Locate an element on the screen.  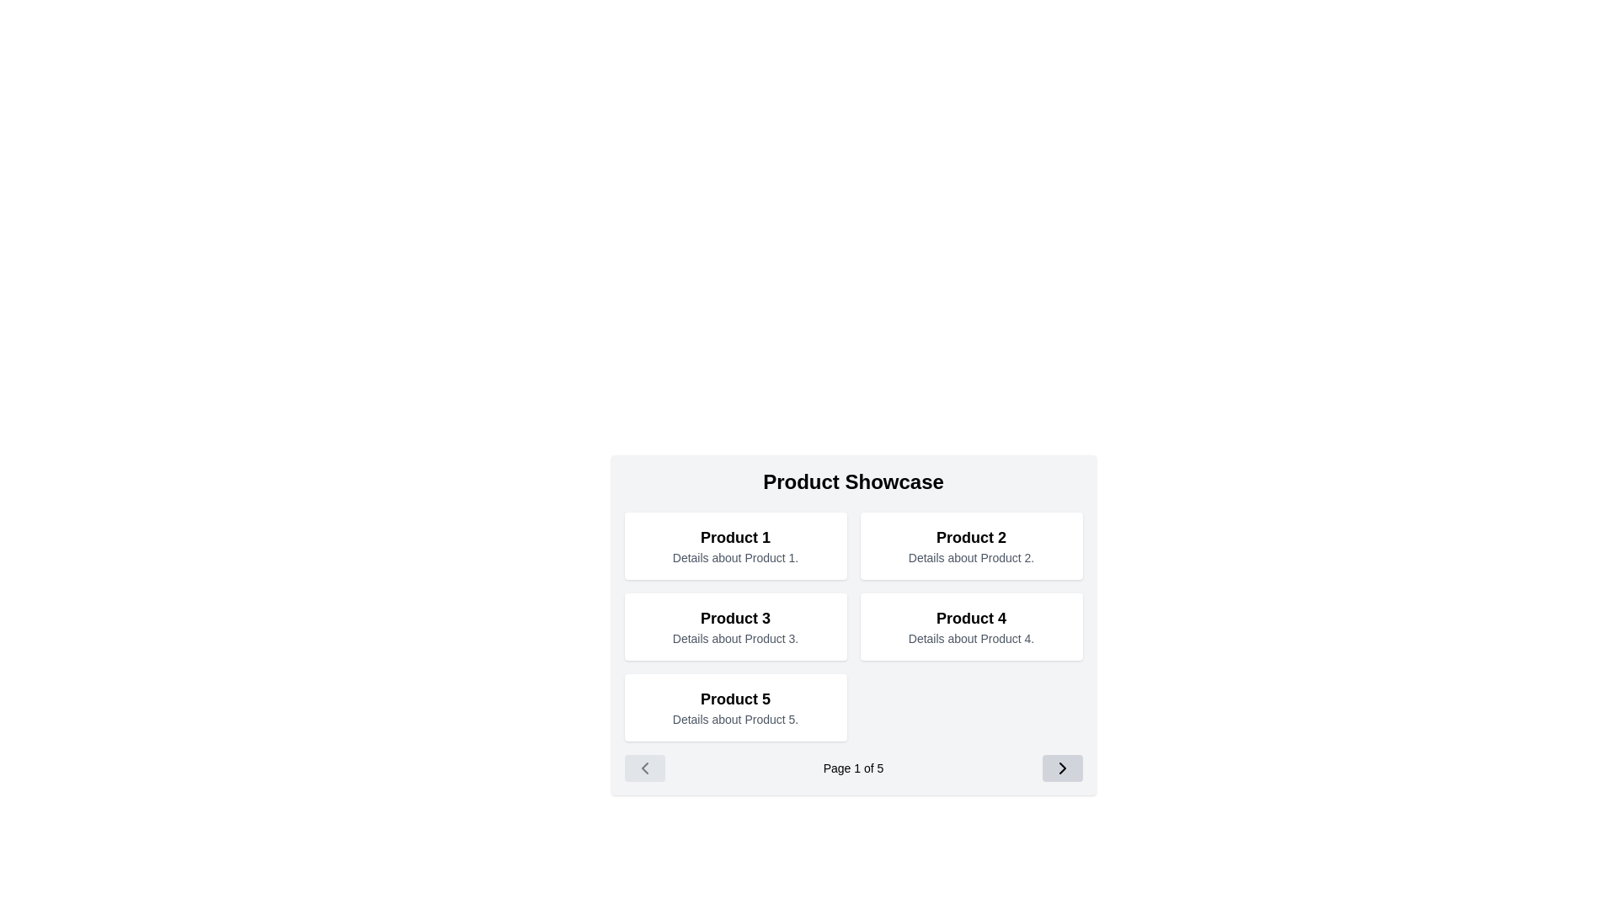
the label providing additional descriptive text about 'Product 1', located directly below the title in the first product card is located at coordinates (735, 558).